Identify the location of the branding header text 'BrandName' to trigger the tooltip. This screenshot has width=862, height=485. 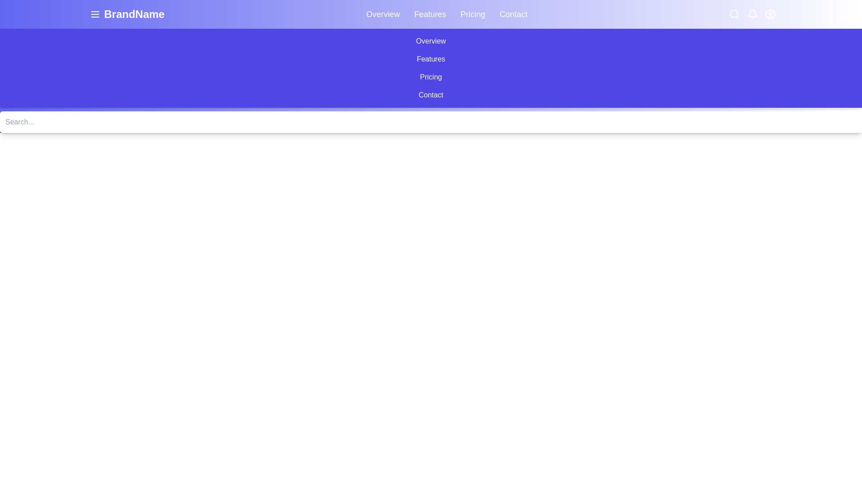
(125, 14).